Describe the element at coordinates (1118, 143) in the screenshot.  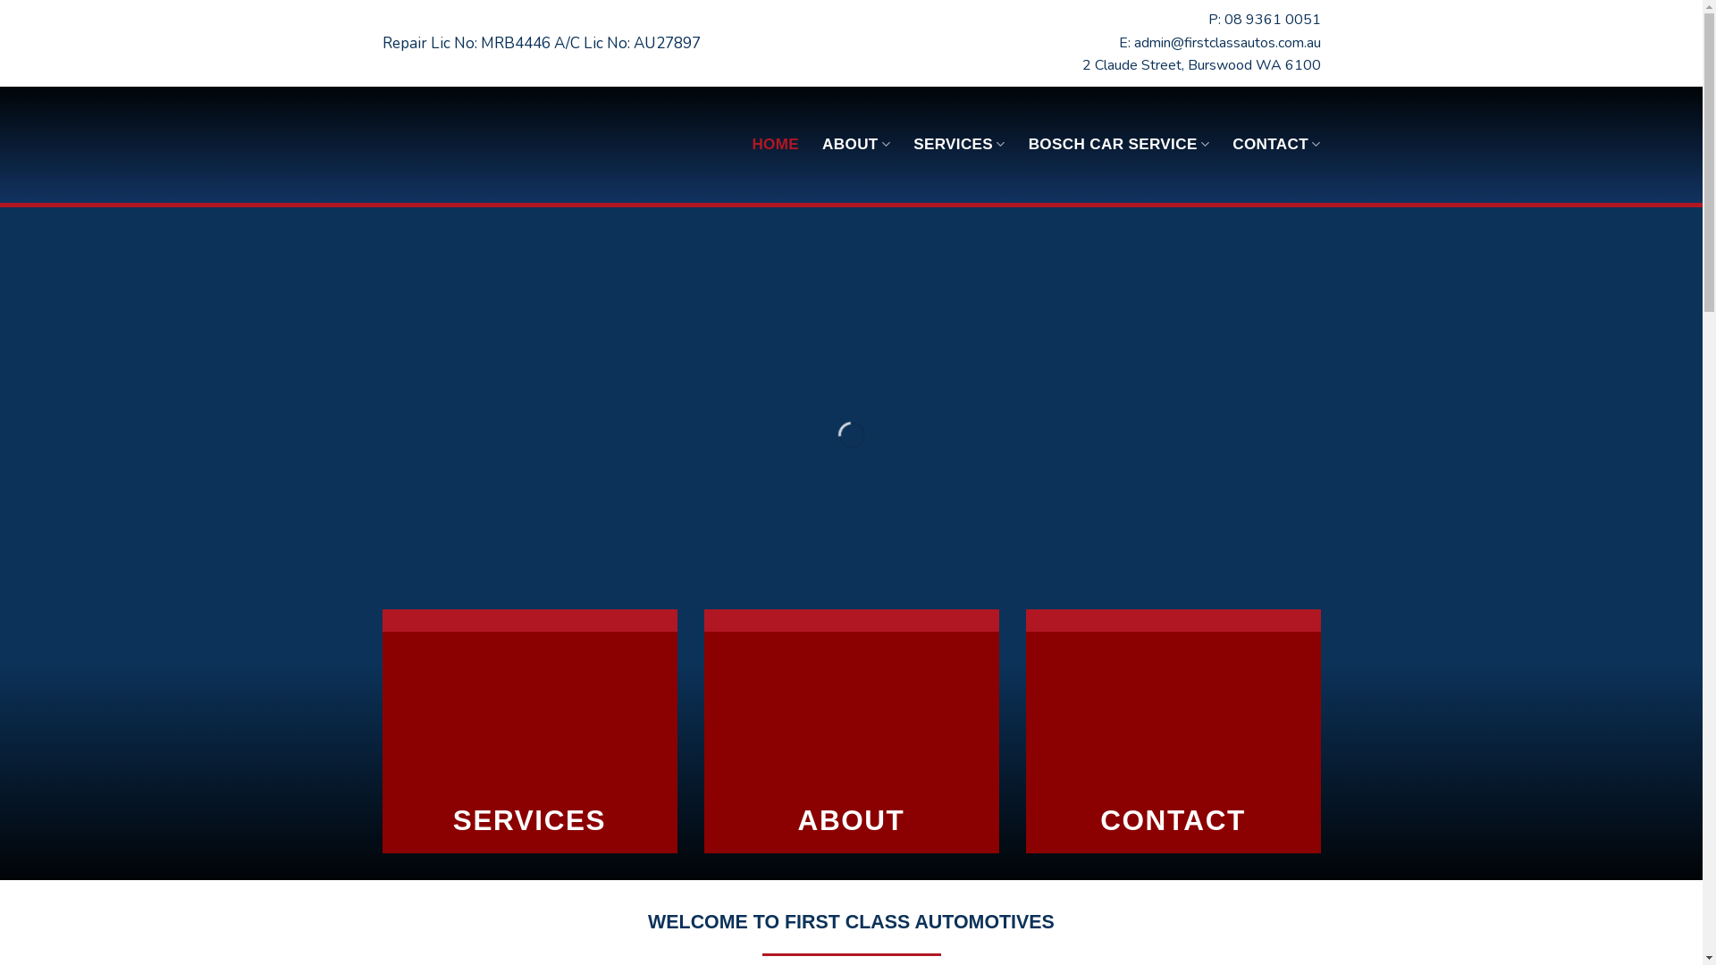
I see `'BOSCH CAR SERVICE'` at that location.